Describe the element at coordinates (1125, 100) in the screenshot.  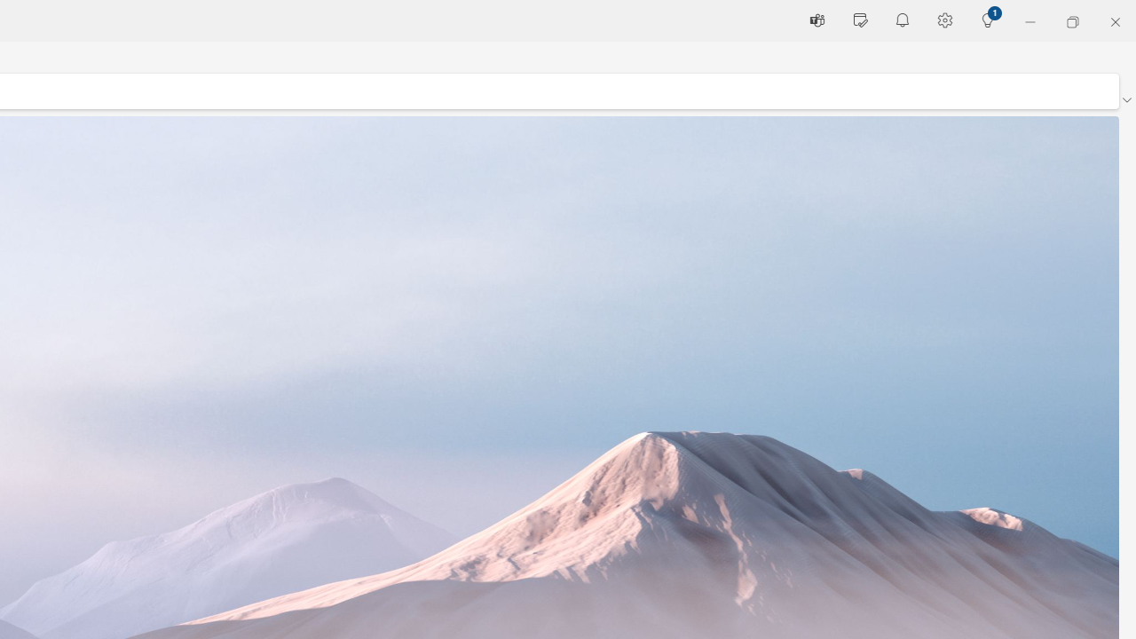
I see `'Ribbon display options'` at that location.